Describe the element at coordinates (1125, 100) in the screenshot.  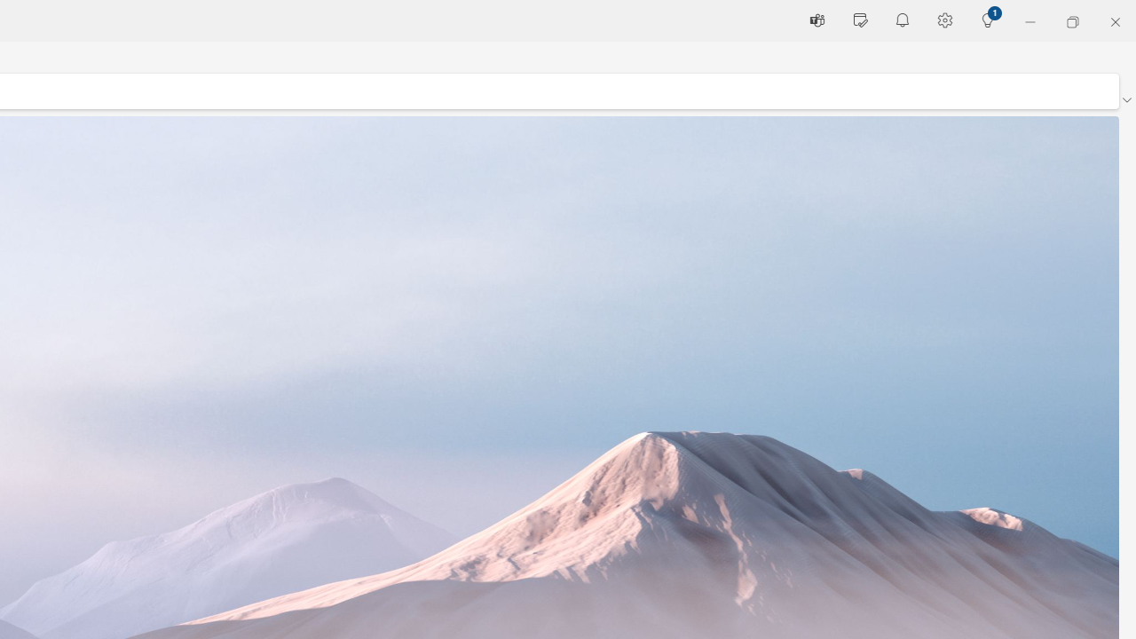
I see `'Ribbon display options'` at that location.